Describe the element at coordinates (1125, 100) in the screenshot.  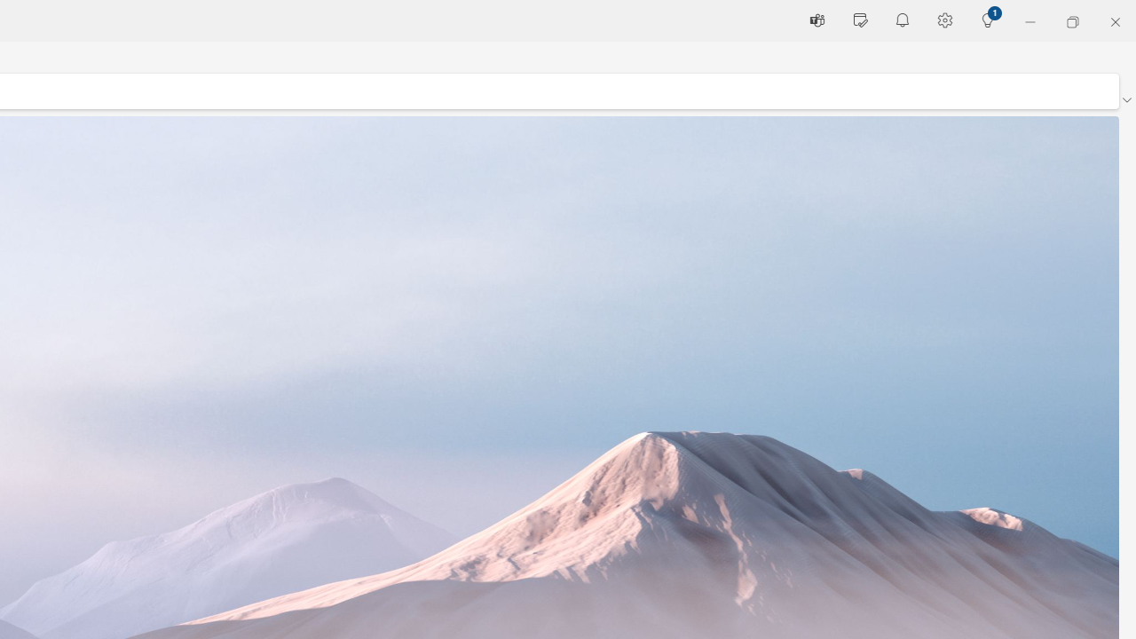
I see `'Ribbon display options'` at that location.